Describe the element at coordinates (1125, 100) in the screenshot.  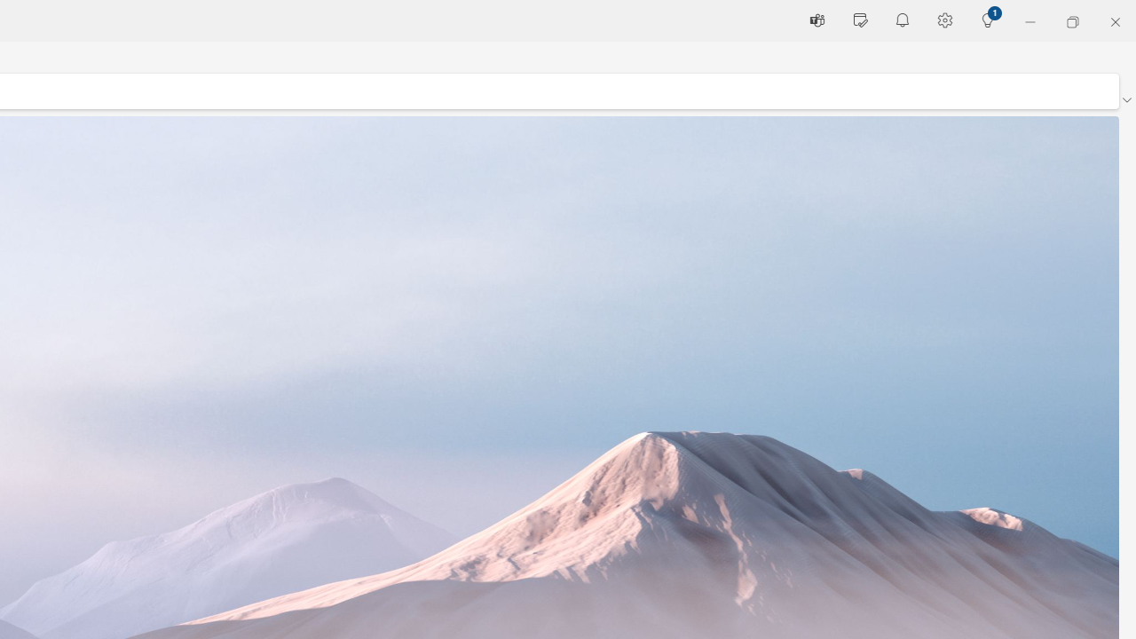
I see `'Ribbon display options'` at that location.